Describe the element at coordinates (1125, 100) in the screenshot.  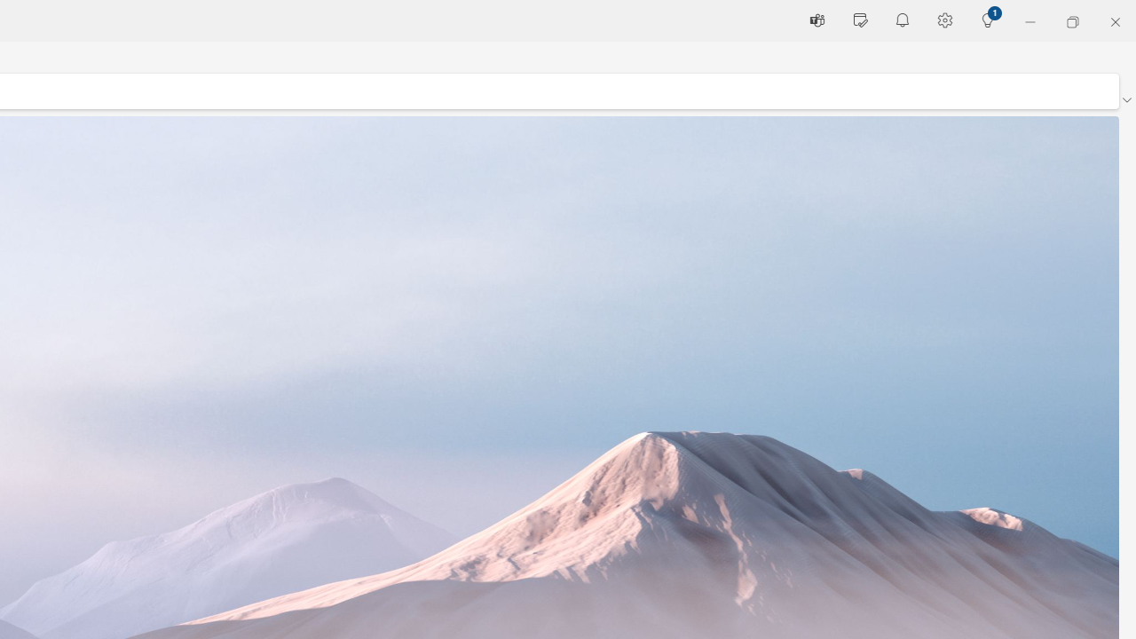
I see `'Ribbon display options'` at that location.